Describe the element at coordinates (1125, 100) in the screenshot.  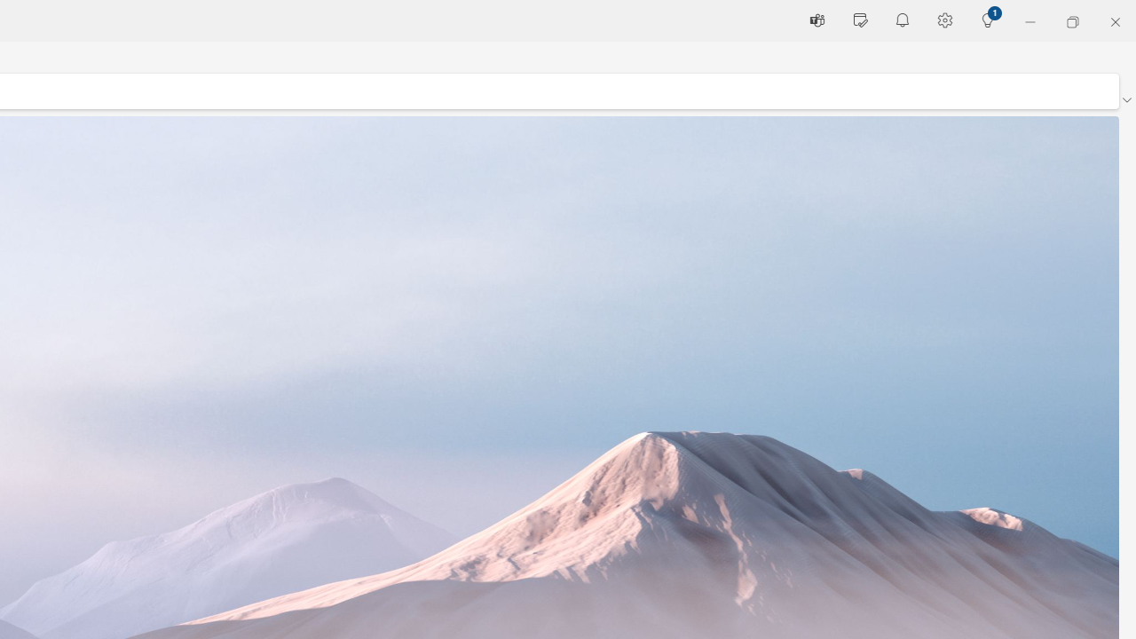
I see `'Ribbon display options'` at that location.